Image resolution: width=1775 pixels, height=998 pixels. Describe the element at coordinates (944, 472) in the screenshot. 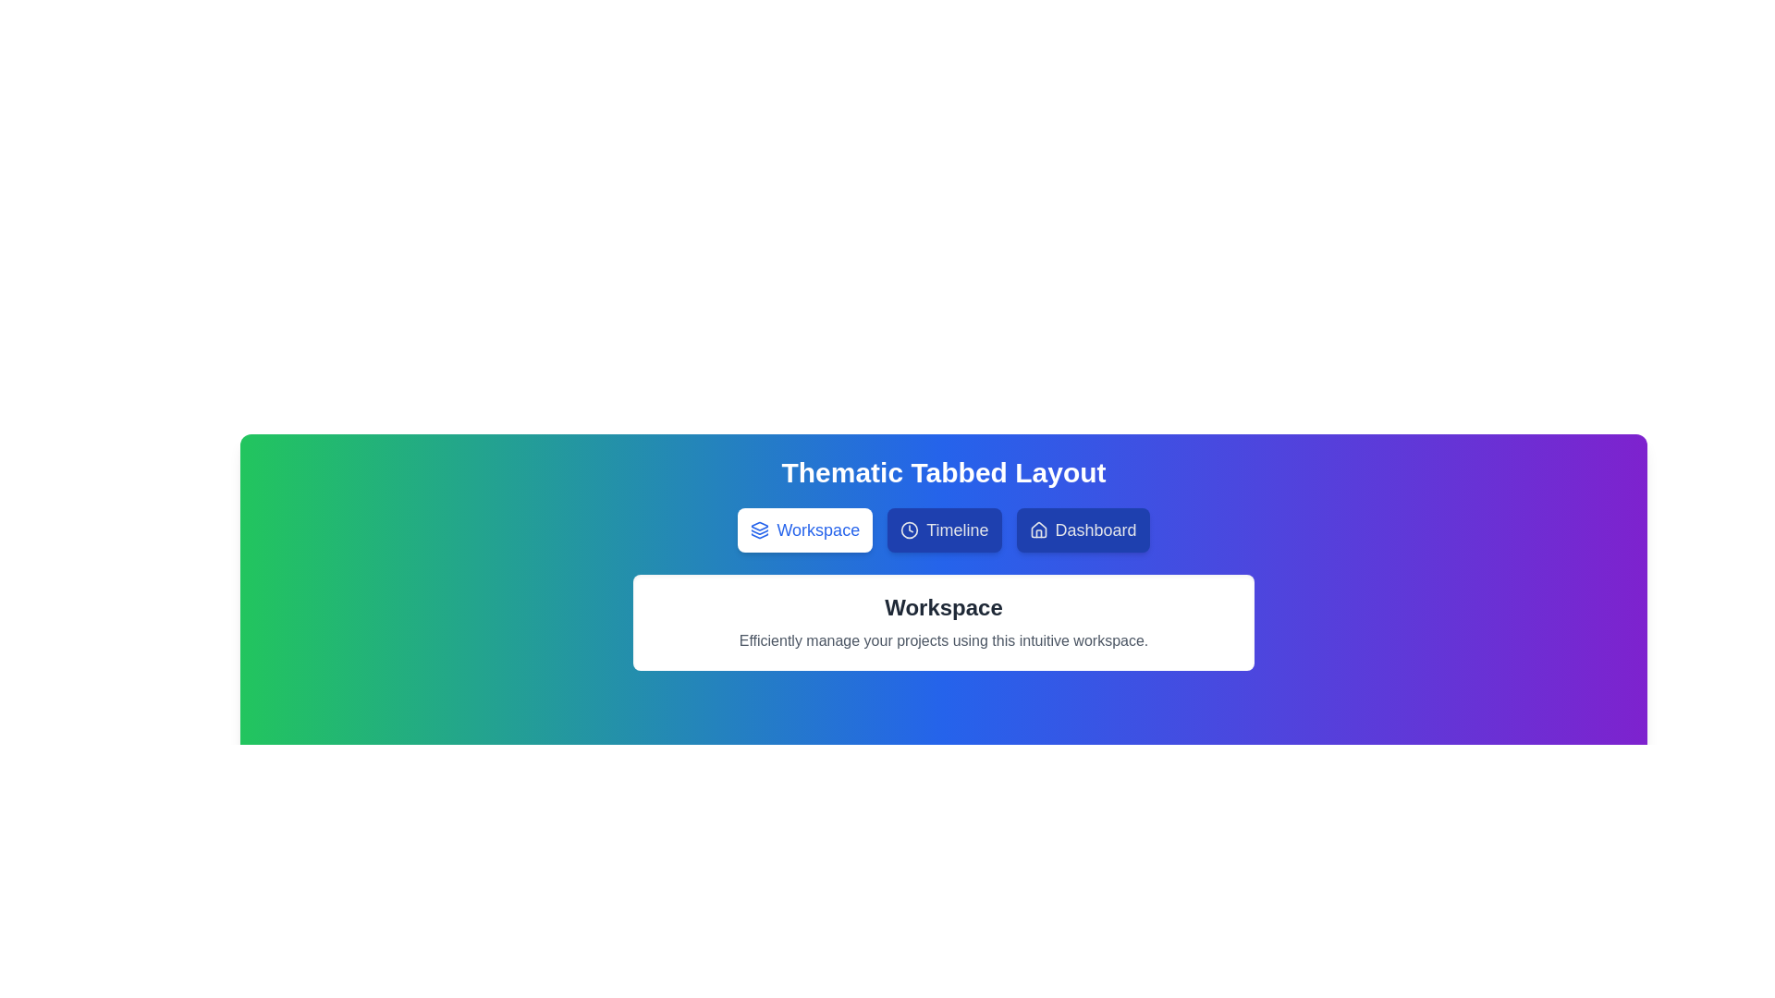

I see `text from the heading element that serves as the title for the section, which is centrally located above the tab-like buttons labeled 'Workspace', 'Timeline', and 'Dashboard'` at that location.